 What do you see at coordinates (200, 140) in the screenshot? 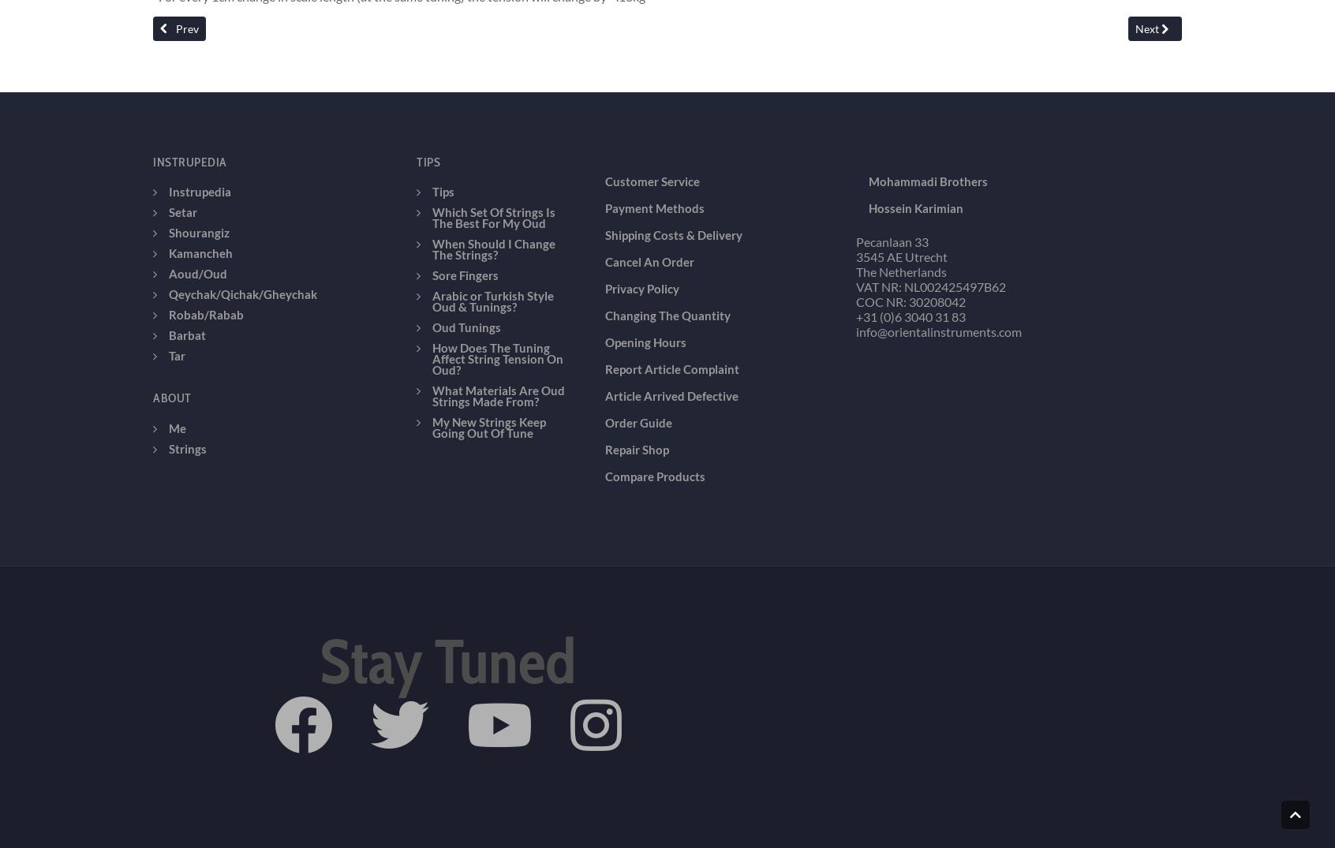
I see `'Kamancheh'` at bounding box center [200, 140].